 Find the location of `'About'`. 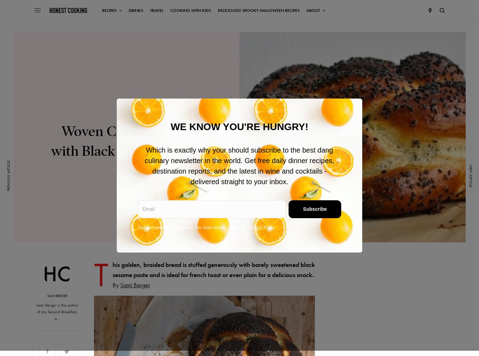

'About' is located at coordinates (312, 10).